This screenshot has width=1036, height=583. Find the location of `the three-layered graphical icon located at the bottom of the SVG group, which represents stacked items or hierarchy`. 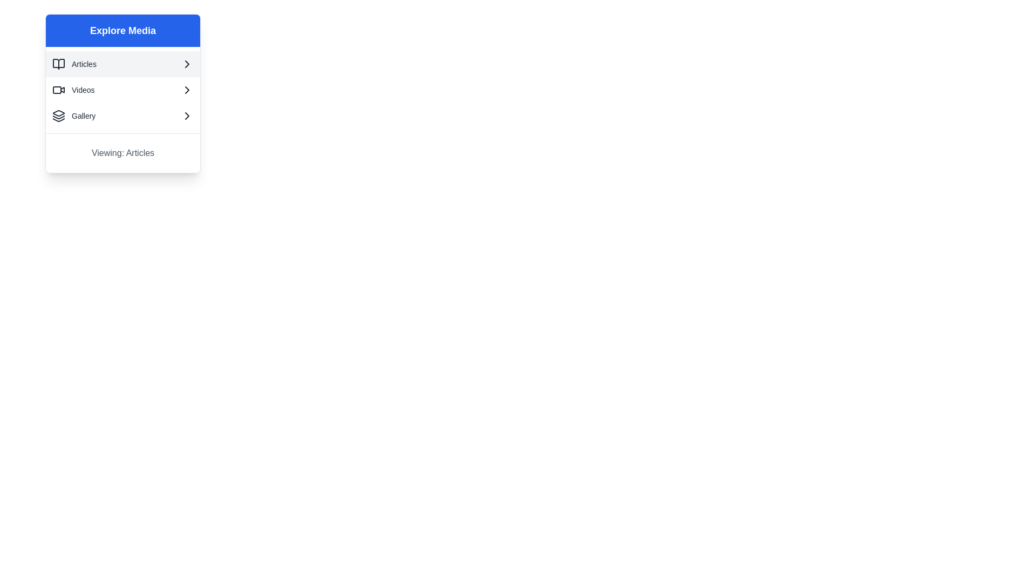

the three-layered graphical icon located at the bottom of the SVG group, which represents stacked items or hierarchy is located at coordinates (58, 120).